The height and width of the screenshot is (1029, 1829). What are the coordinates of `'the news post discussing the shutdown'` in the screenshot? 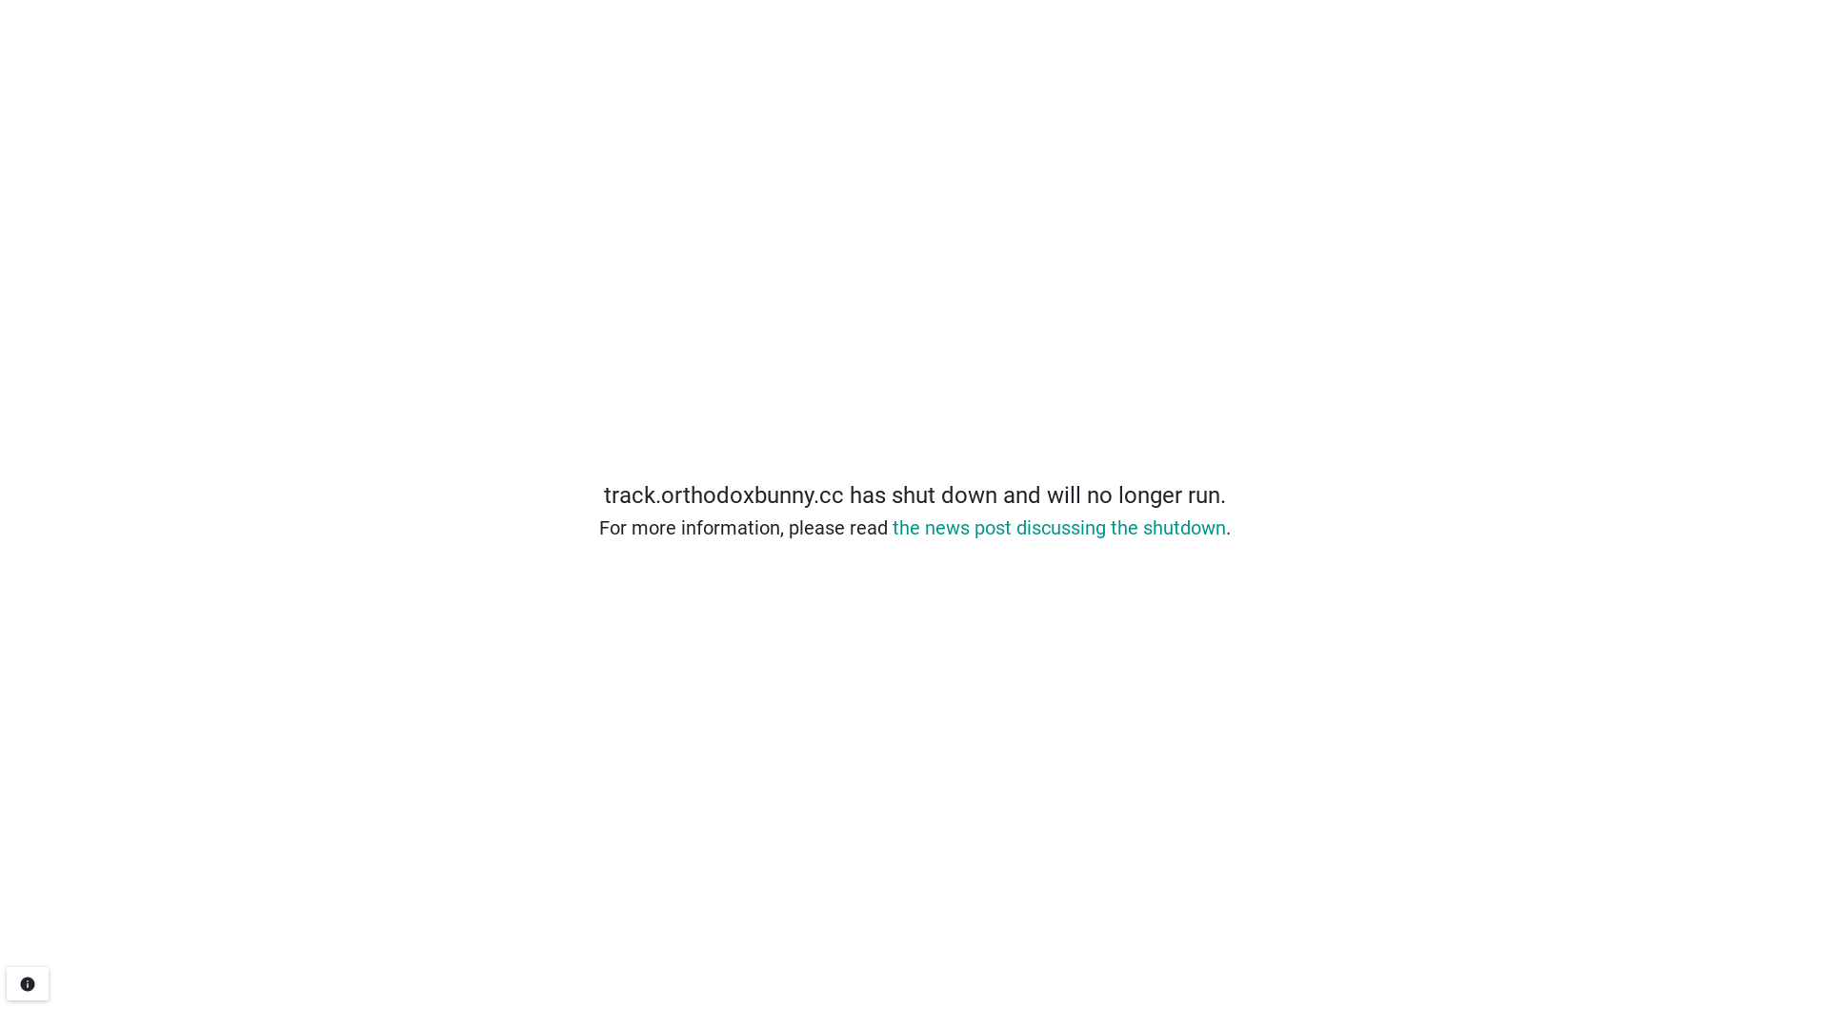 It's located at (1056, 528).